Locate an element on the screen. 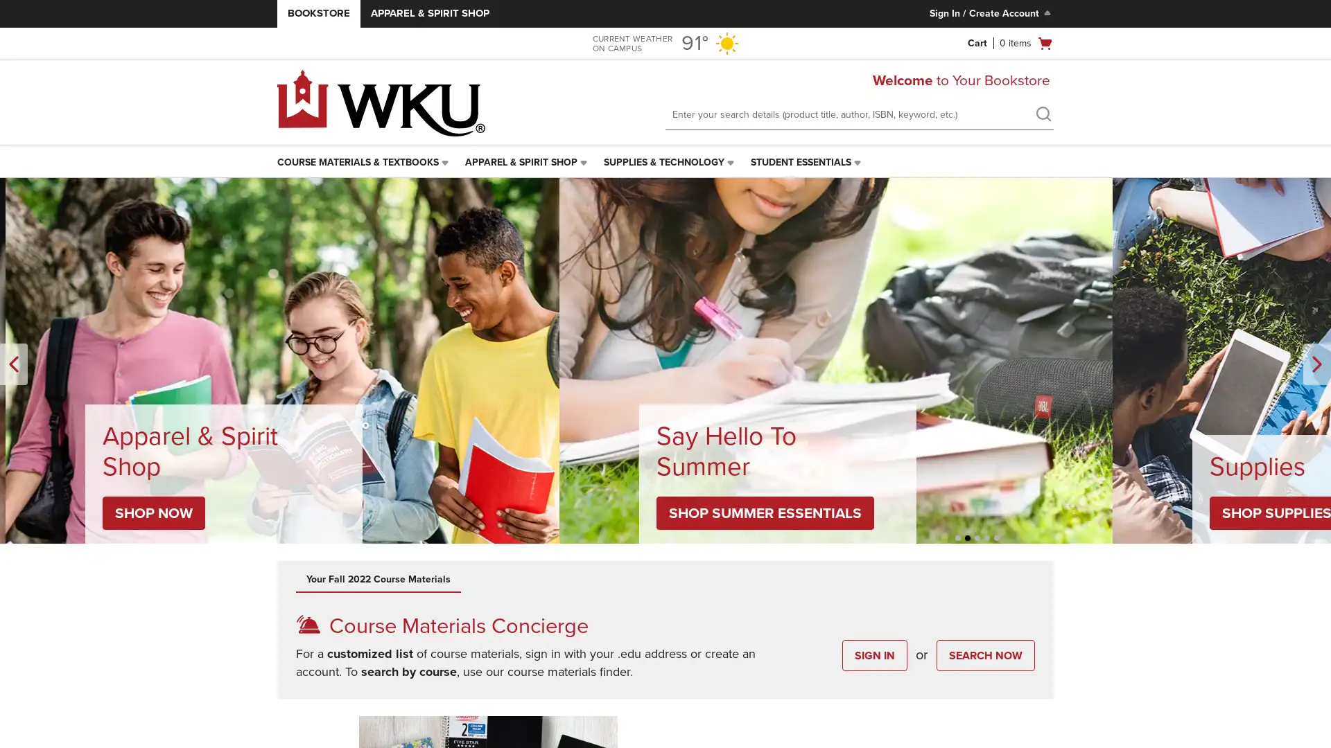  Unselected, Slide 4 is located at coordinates (986, 537).